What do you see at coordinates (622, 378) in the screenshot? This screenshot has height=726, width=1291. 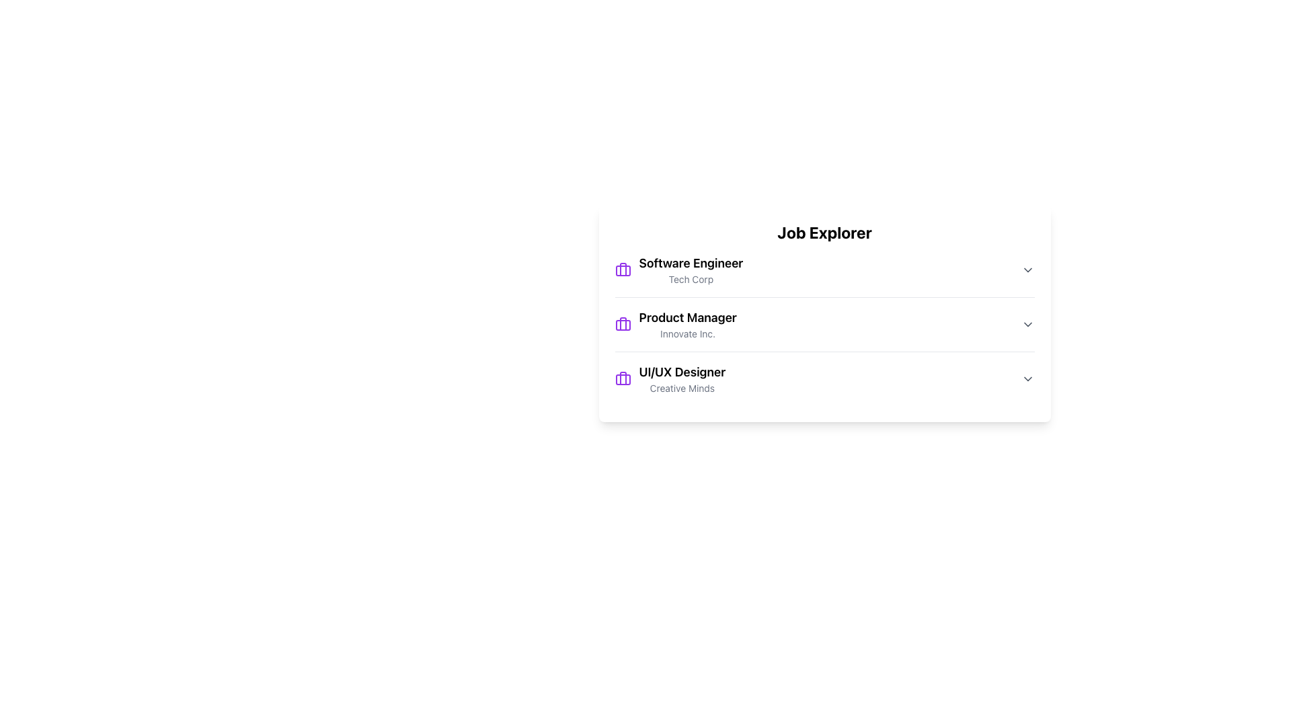 I see `the first icon representing the 'UI/UX Designer' job listing, located to the left of the text 'UI/UX Designer' and 'Creative Minds' at the bottom row of the 'Job Explorer' card` at bounding box center [622, 378].